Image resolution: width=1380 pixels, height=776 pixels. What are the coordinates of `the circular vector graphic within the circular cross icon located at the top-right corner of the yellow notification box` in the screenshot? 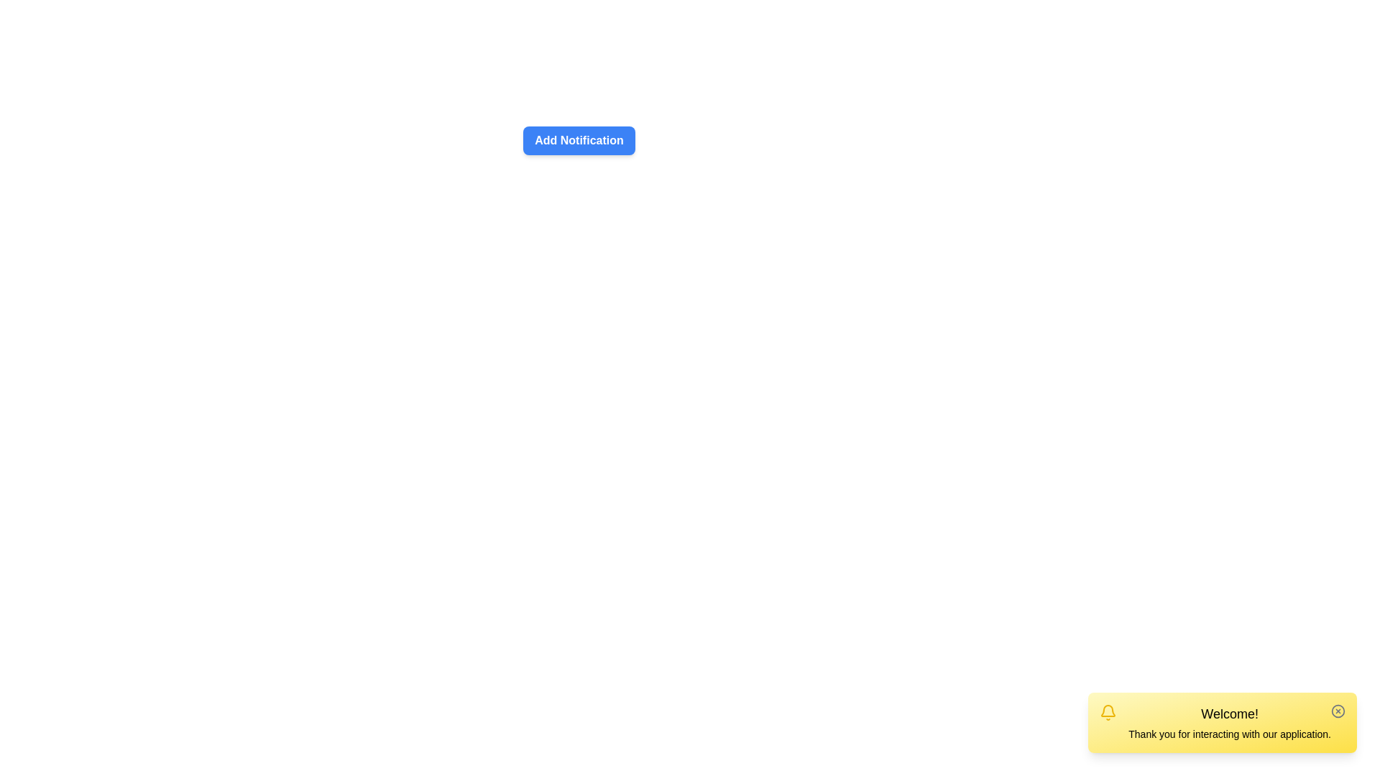 It's located at (1338, 711).